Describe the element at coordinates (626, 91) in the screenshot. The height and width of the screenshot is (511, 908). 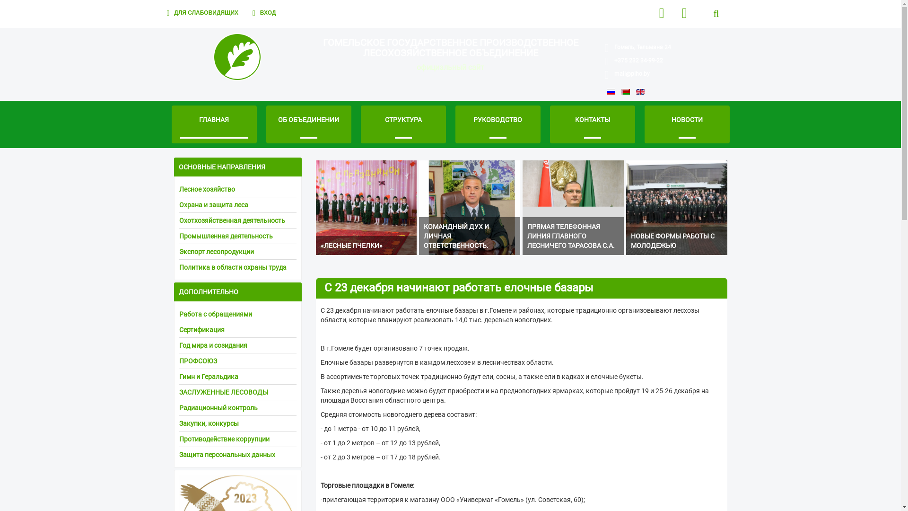
I see `'Belarusian (be-BY)'` at that location.